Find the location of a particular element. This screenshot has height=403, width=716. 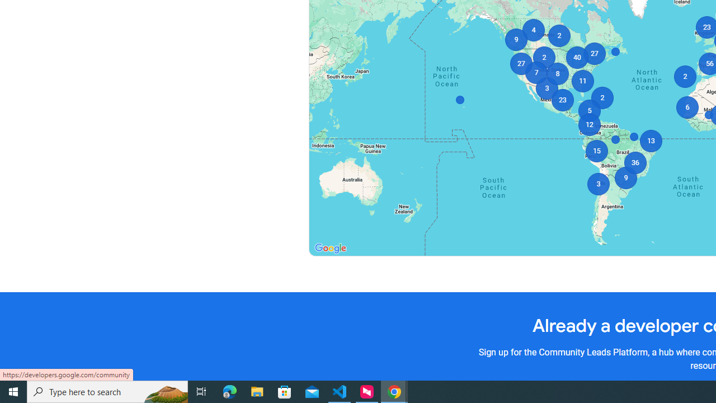

'2' is located at coordinates (601, 97).